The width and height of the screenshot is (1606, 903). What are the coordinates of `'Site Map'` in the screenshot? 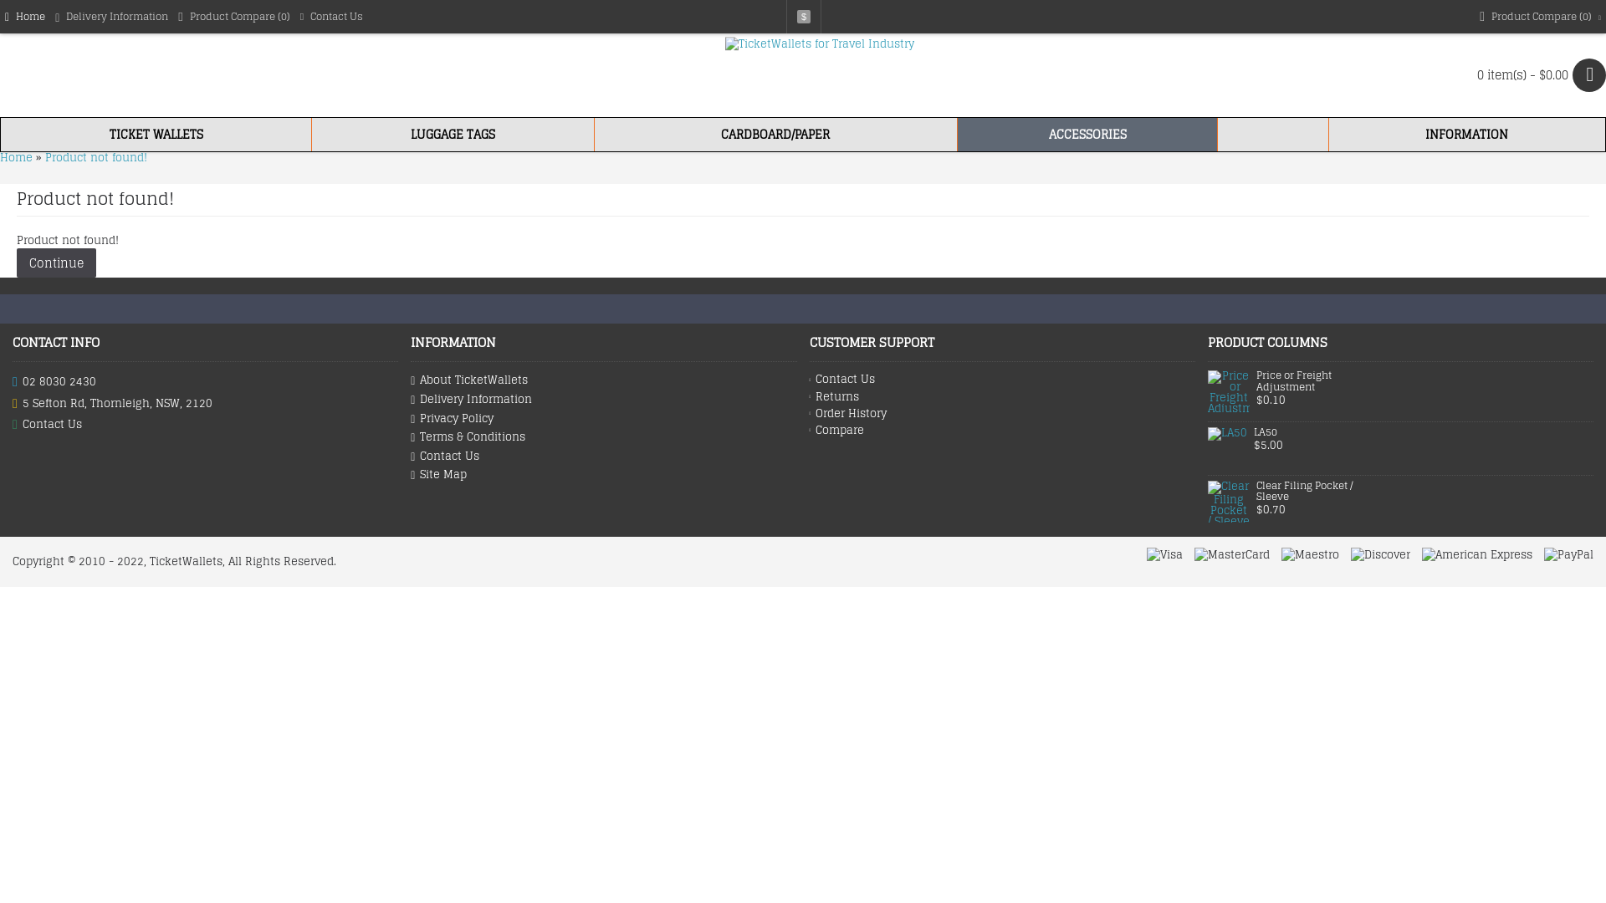 It's located at (602, 475).